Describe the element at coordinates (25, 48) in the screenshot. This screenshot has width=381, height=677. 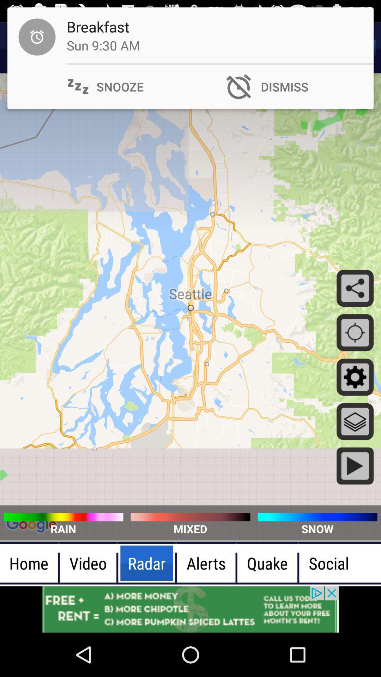
I see `the time icon` at that location.